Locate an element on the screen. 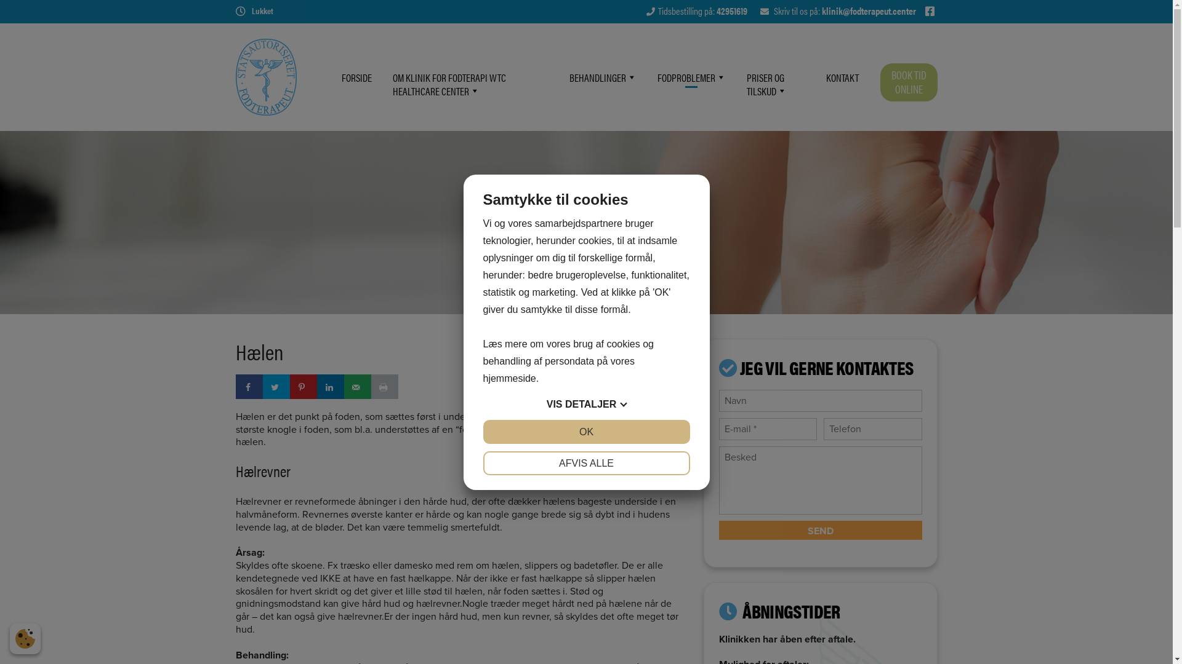  'Send' is located at coordinates (821, 529).